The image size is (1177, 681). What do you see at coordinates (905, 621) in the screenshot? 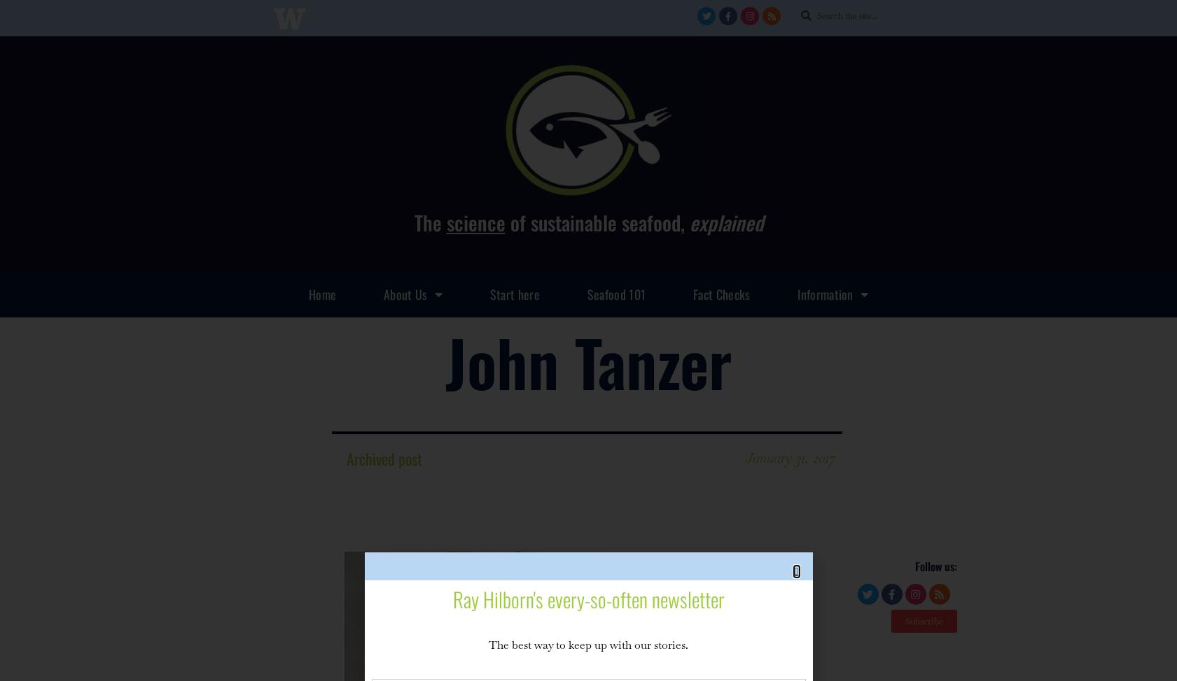
I see `'Subscribe'` at bounding box center [905, 621].